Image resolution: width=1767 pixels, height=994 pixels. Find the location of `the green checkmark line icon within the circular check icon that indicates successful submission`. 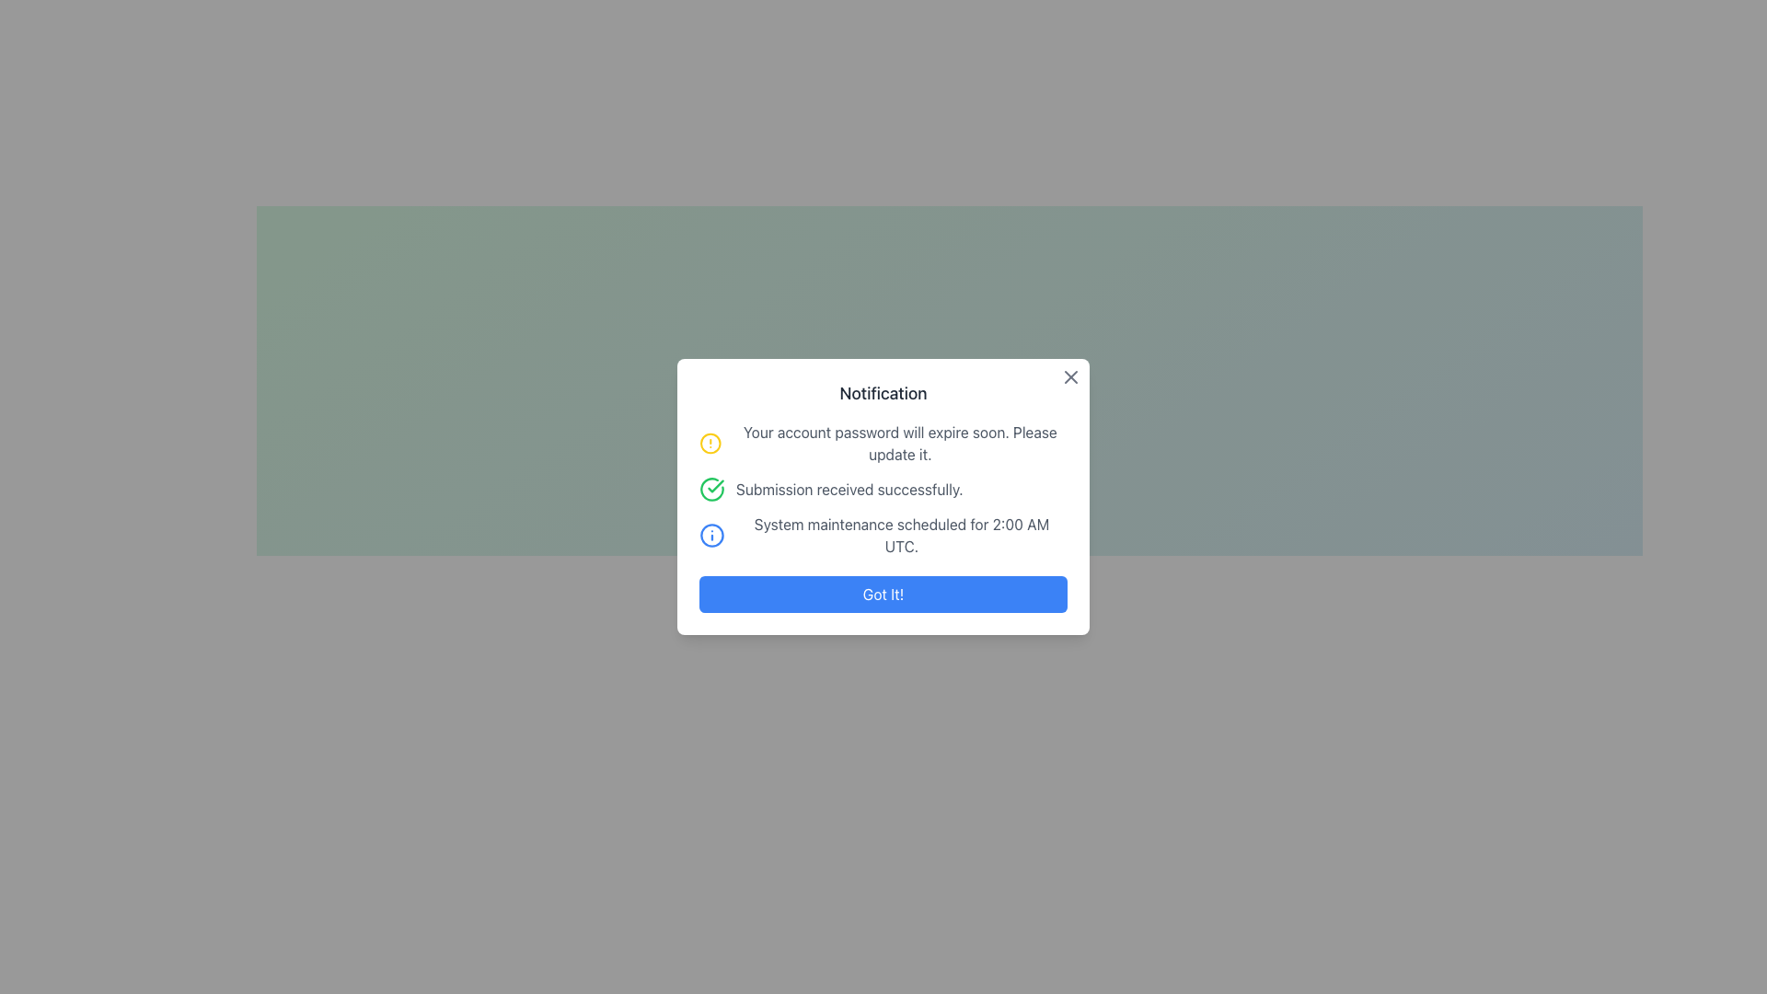

the green checkmark line icon within the circular check icon that indicates successful submission is located at coordinates (714, 485).